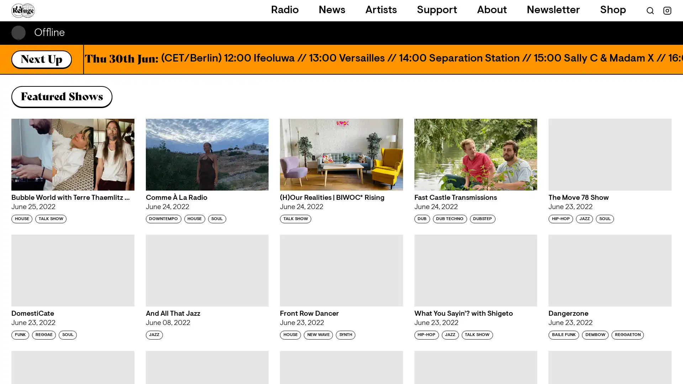 The width and height of the screenshot is (683, 384). I want to click on Comme A La Radio, so click(206, 154).